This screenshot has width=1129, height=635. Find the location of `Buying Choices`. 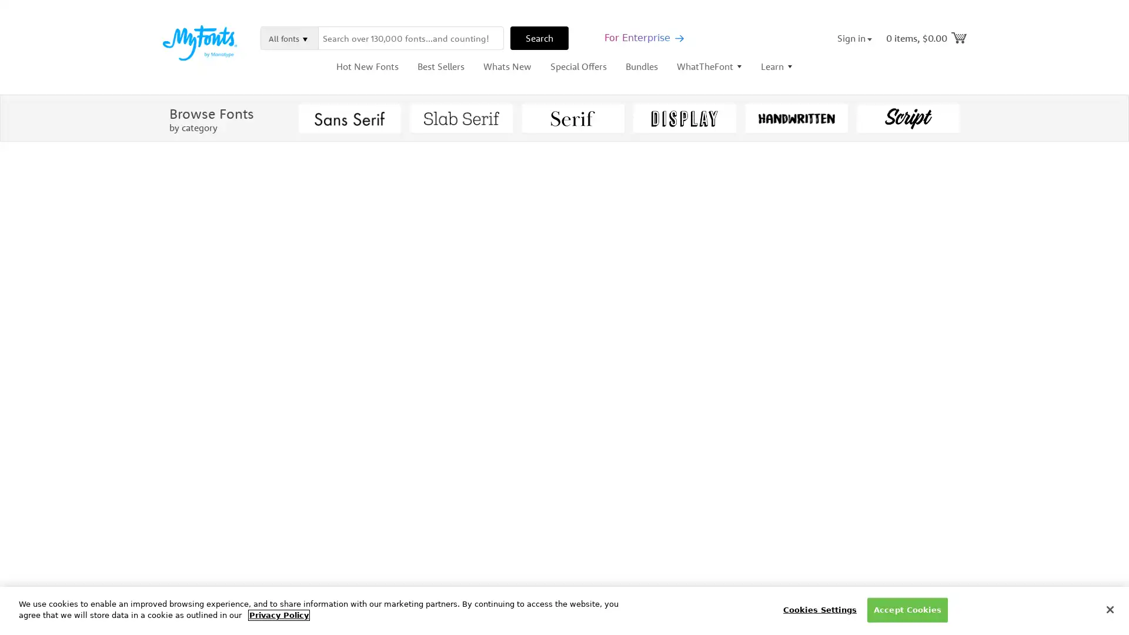

Buying Choices is located at coordinates (743, 414).